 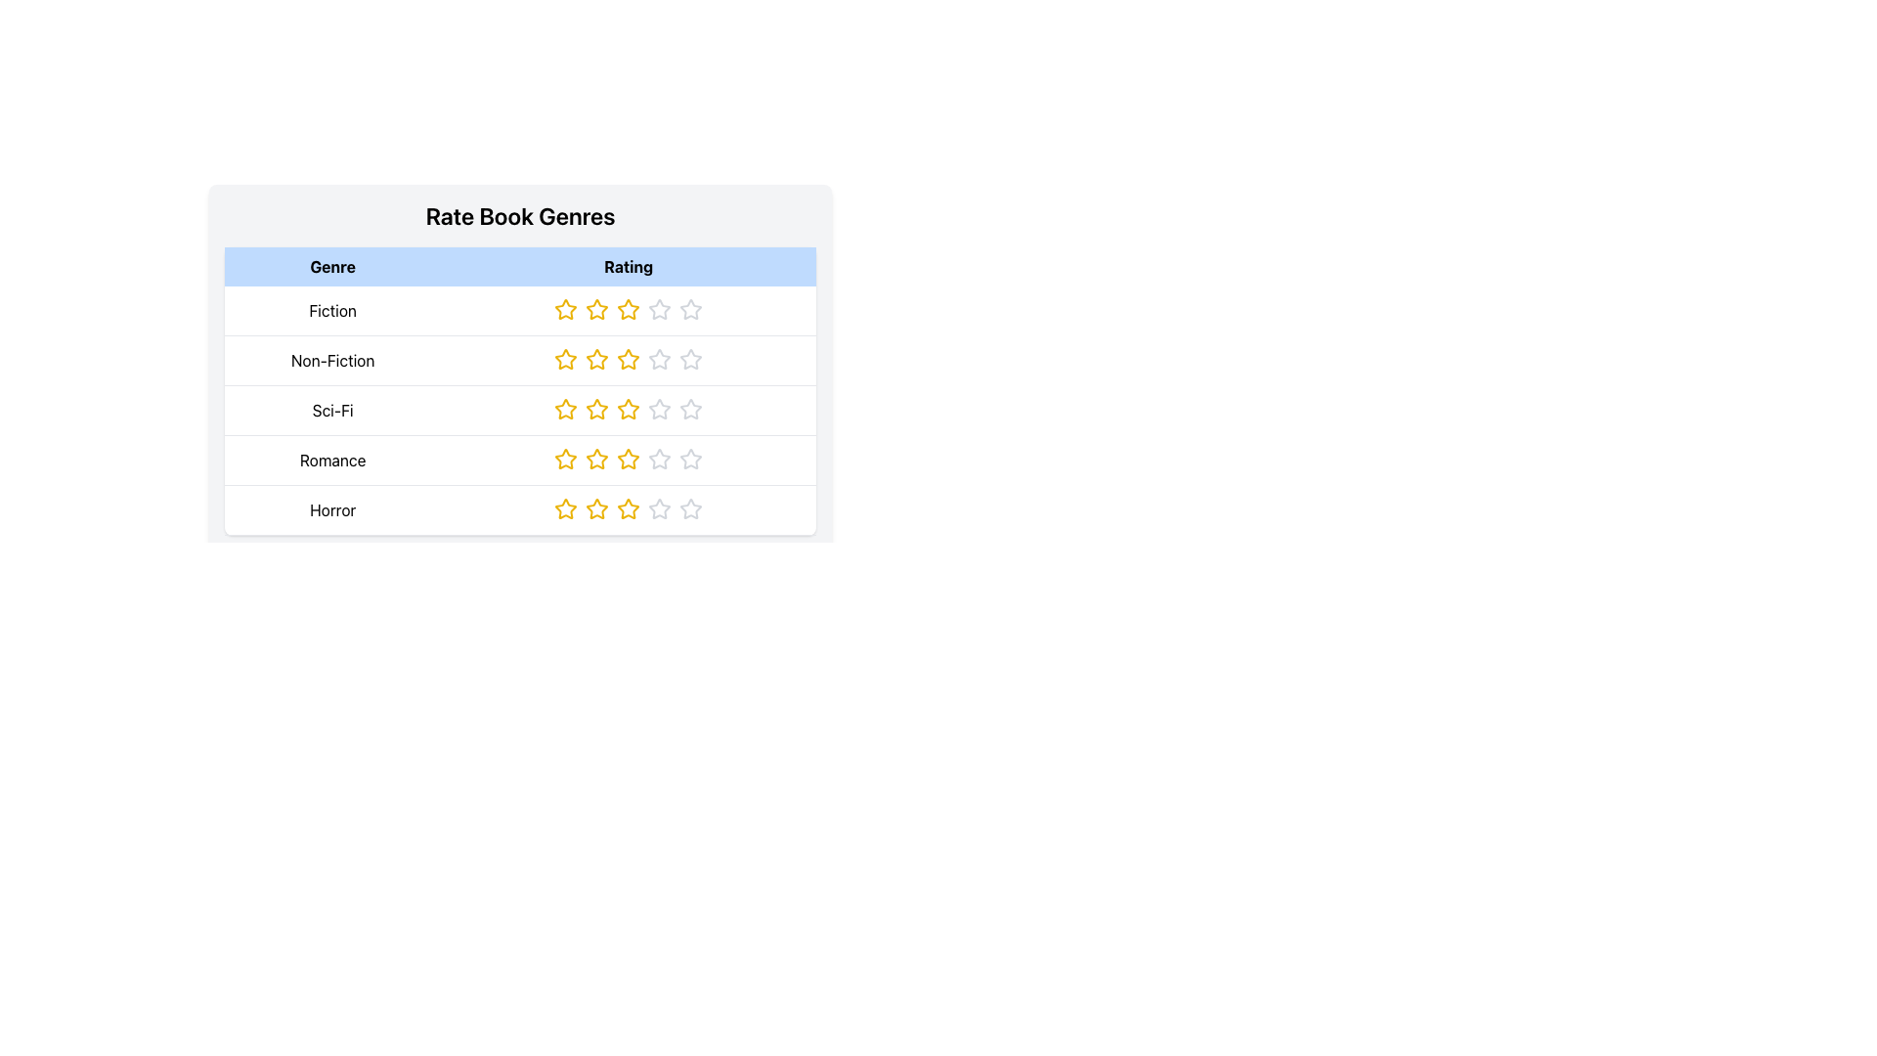 What do you see at coordinates (691, 359) in the screenshot?
I see `the fourth star icon in the 'Rating' column of the 'Non-Fiction' row, which indicates an unselected rating state` at bounding box center [691, 359].